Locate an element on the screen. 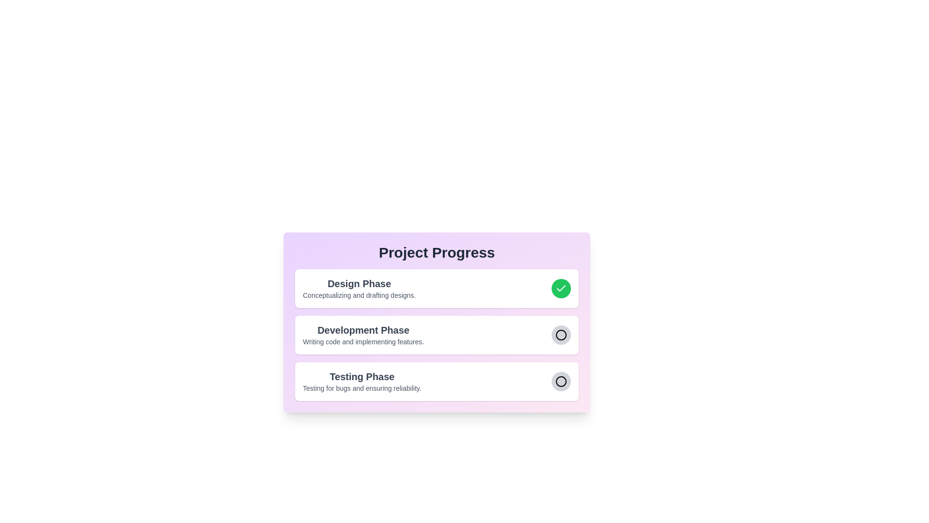 This screenshot has height=523, width=929. text section titled 'Development Phase' which contains the lines 'Development Phase' and 'Writing code and implementing features.' is located at coordinates (363, 334).